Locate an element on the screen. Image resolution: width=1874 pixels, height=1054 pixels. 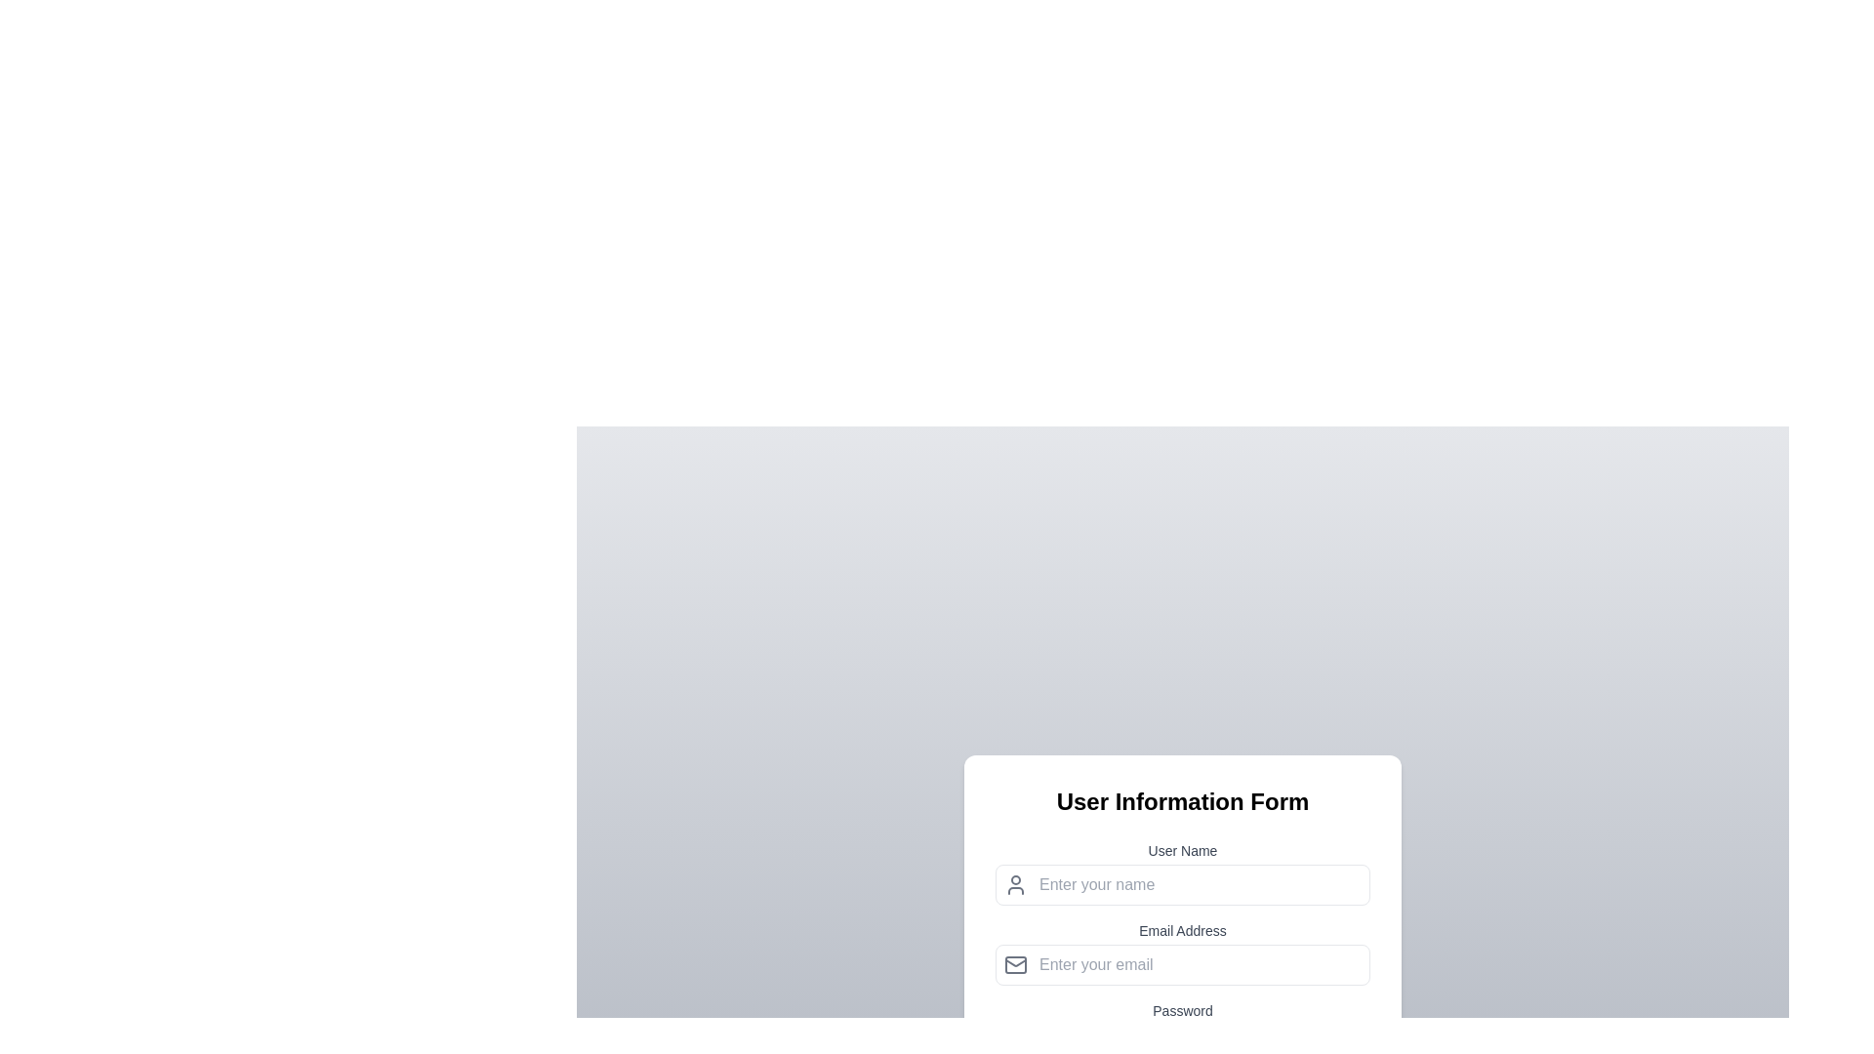
the label text that indicates the input field for entering the user's name, which is positioned above the 'Enter your name' input field in the user information form is located at coordinates (1181, 849).